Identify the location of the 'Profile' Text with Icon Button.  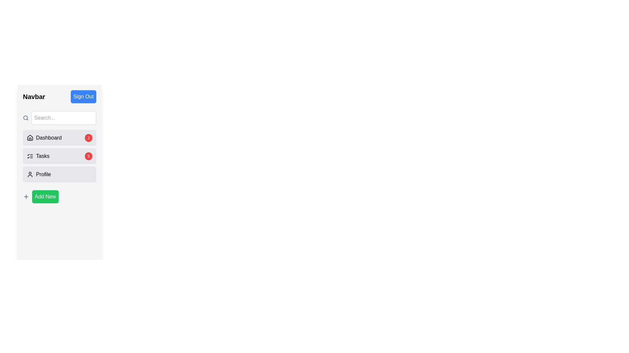
(38, 174).